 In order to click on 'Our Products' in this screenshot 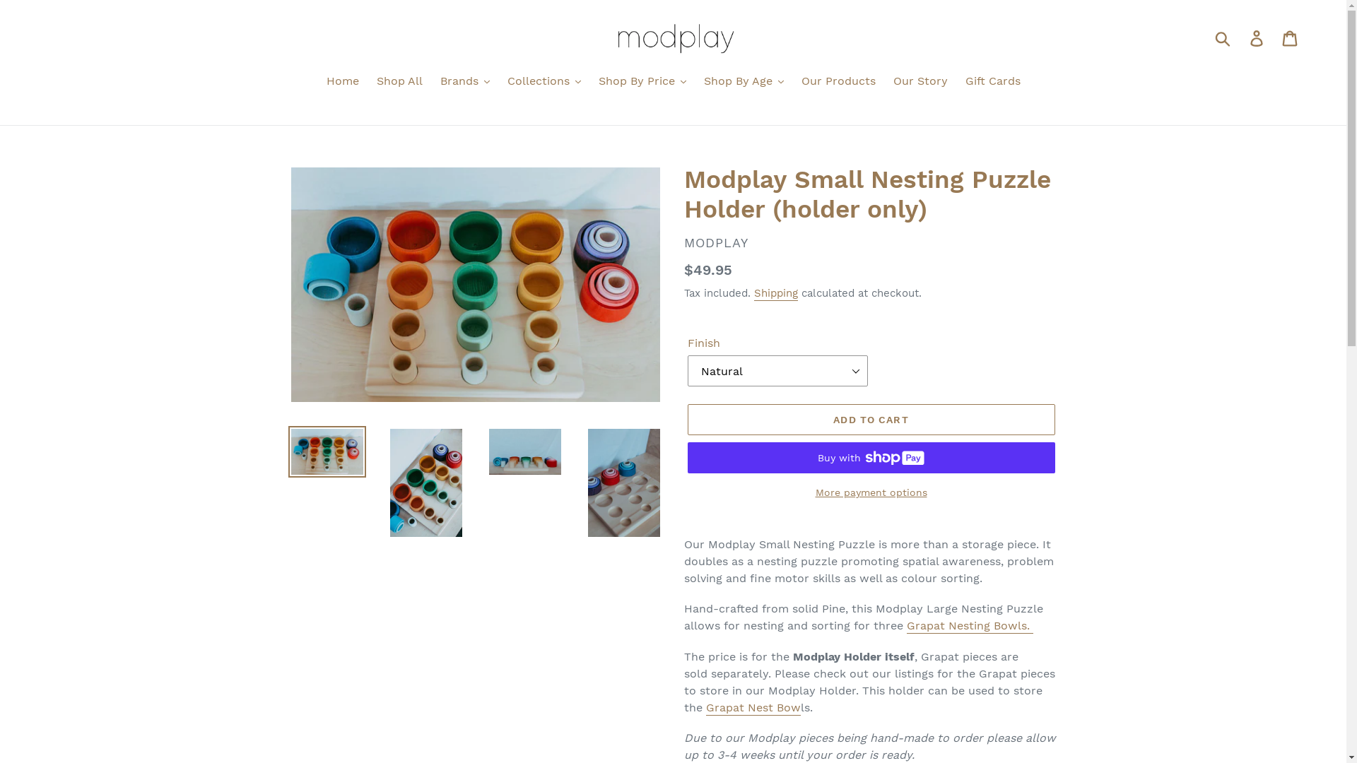, I will do `click(838, 82)`.